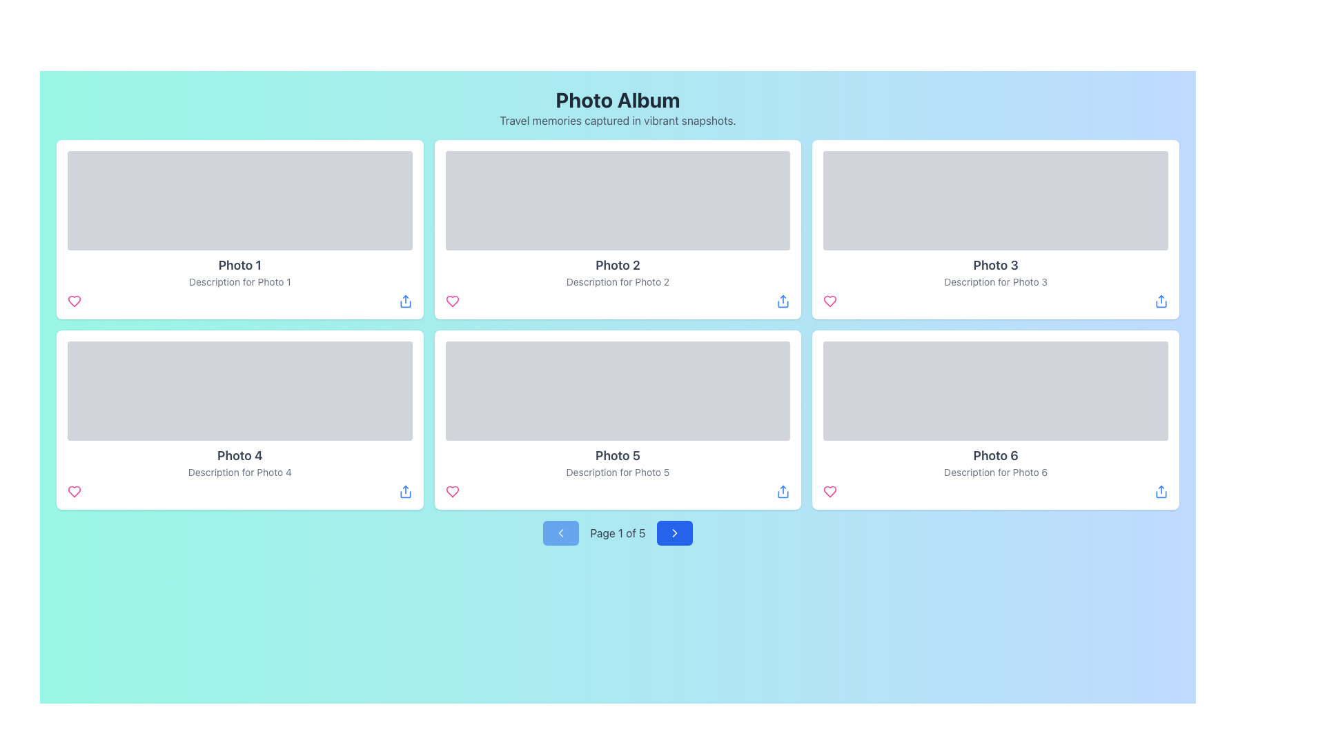 The height and width of the screenshot is (745, 1325). I want to click on the text label displaying 'Photo 3' in bold, dark gray font, located in the third card of the grid layout, positioned beneath the gray rectangular placeholder image, so click(996, 266).